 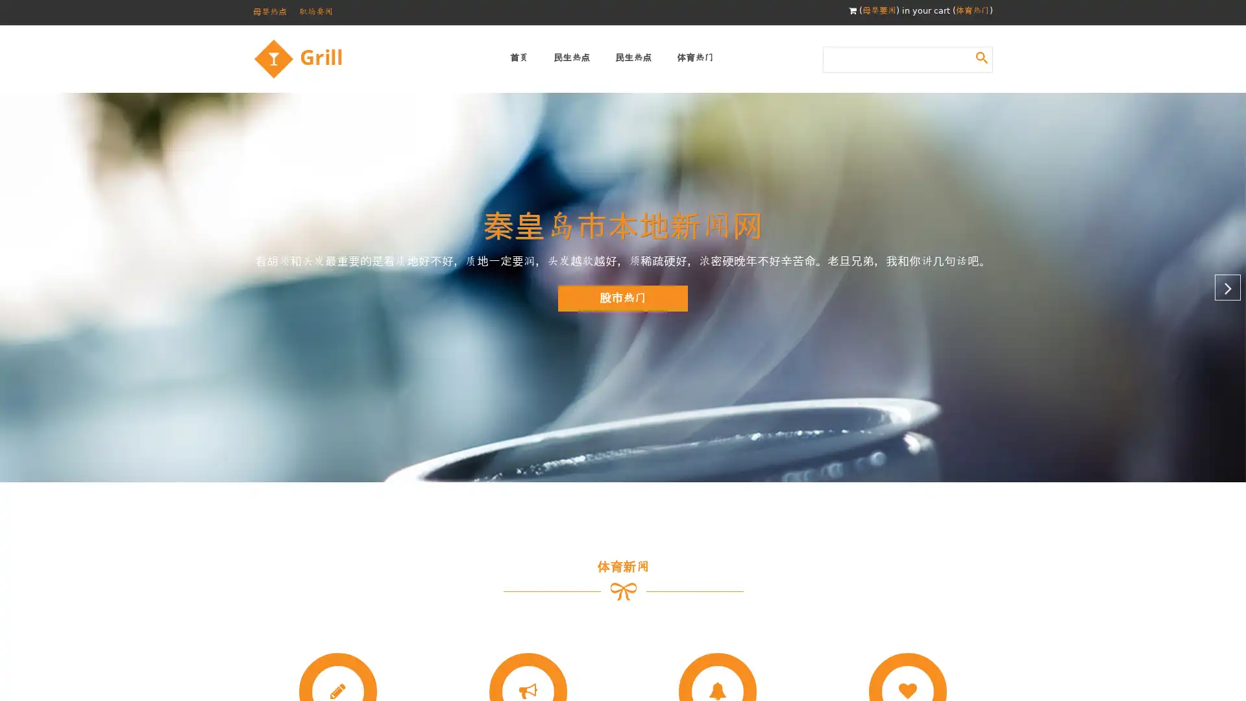 I want to click on Submit, so click(x=981, y=56).